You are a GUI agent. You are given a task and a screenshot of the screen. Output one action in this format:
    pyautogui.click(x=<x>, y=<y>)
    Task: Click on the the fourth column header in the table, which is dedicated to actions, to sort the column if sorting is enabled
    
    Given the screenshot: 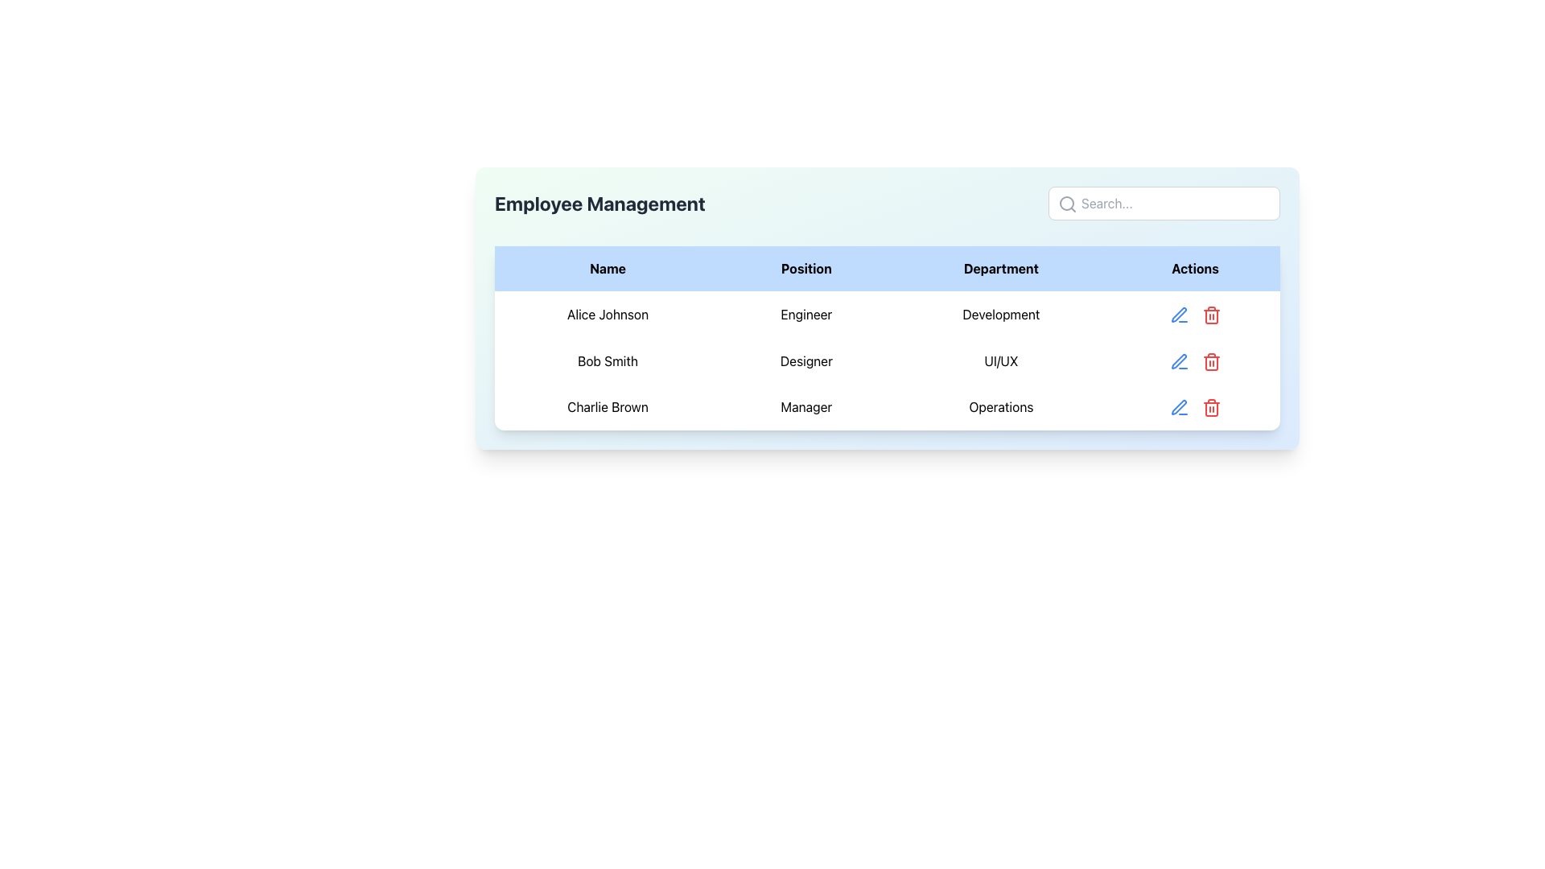 What is the action you would take?
    pyautogui.click(x=1195, y=268)
    